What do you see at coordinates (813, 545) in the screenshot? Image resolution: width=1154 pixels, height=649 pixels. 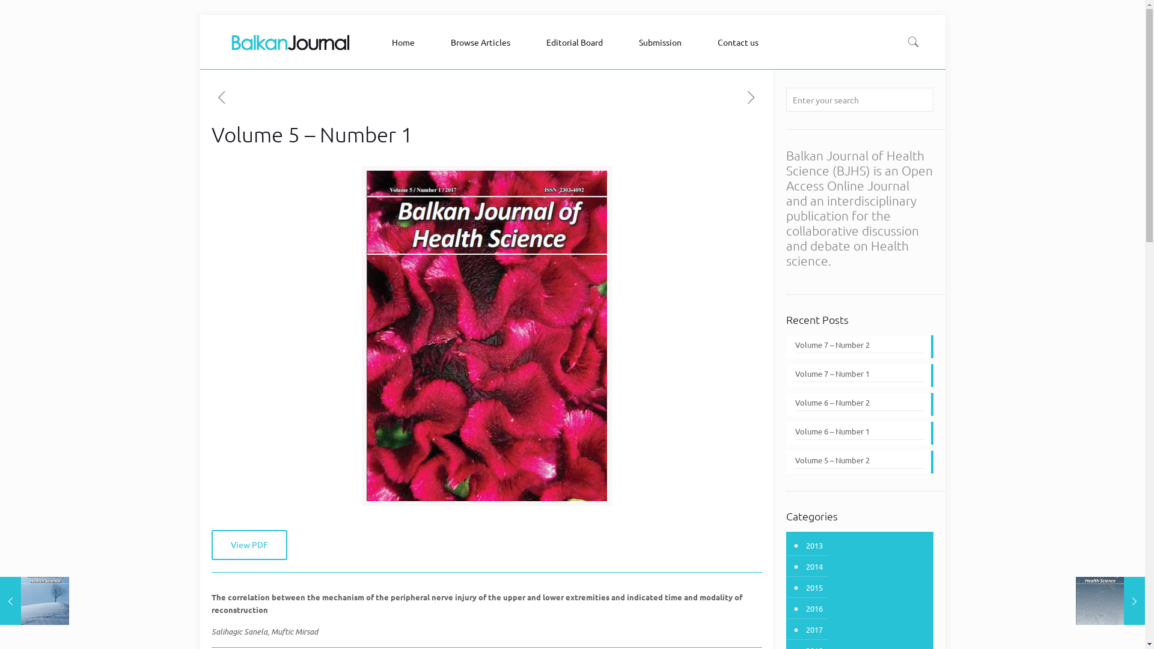 I see `'2013'` at bounding box center [813, 545].